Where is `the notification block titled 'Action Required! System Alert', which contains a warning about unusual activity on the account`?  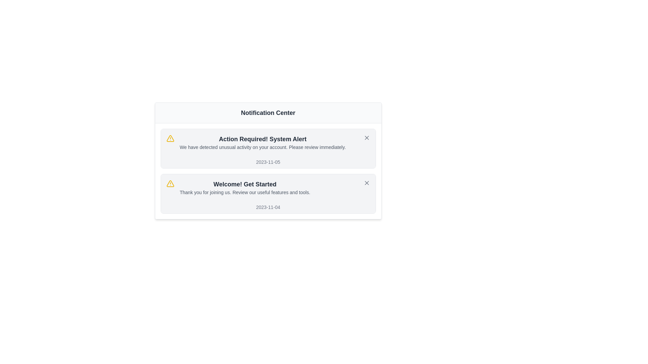 the notification block titled 'Action Required! System Alert', which contains a warning about unusual activity on the account is located at coordinates (262, 142).